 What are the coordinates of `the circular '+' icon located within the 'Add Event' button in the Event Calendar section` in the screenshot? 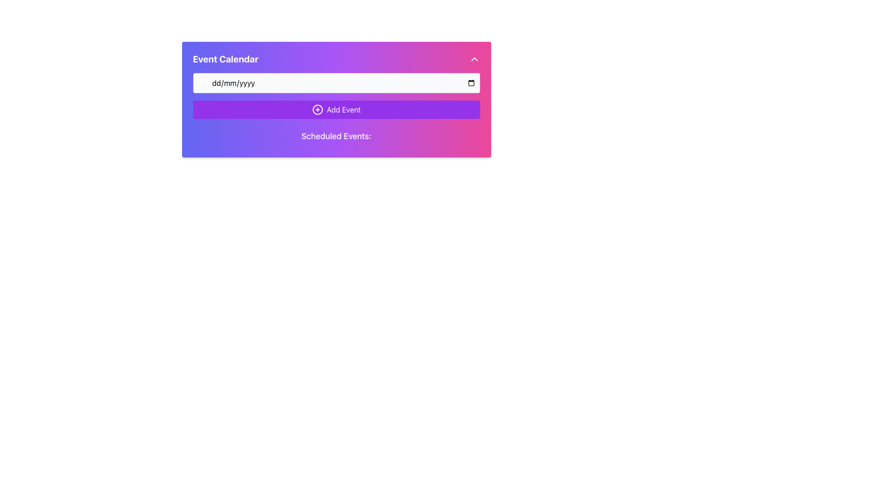 It's located at (317, 109).